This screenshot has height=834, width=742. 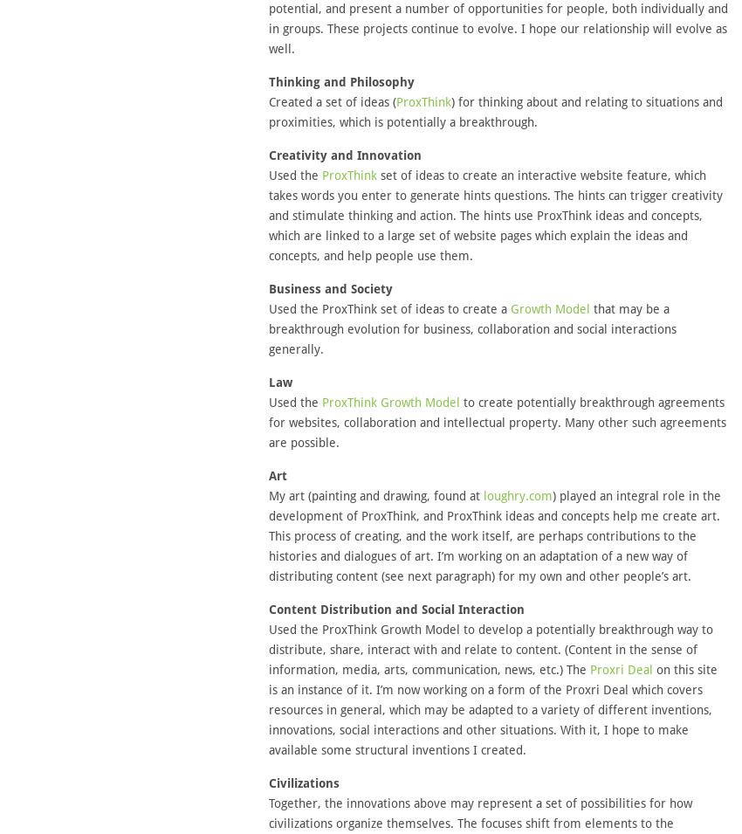 I want to click on 'ProxThink Growth Model', so click(x=389, y=401).